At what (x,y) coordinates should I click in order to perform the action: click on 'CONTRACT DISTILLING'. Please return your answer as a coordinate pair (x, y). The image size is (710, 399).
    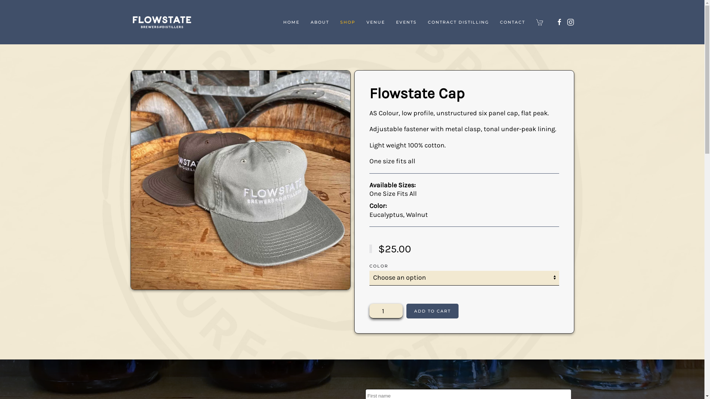
    Looking at the image, I should click on (427, 22).